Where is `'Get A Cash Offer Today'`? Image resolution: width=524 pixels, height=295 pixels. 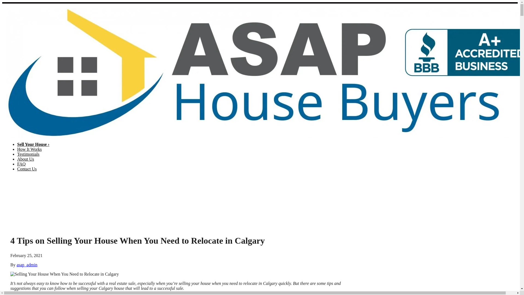
'Get A Cash Offer Today' is located at coordinates (499, 205).